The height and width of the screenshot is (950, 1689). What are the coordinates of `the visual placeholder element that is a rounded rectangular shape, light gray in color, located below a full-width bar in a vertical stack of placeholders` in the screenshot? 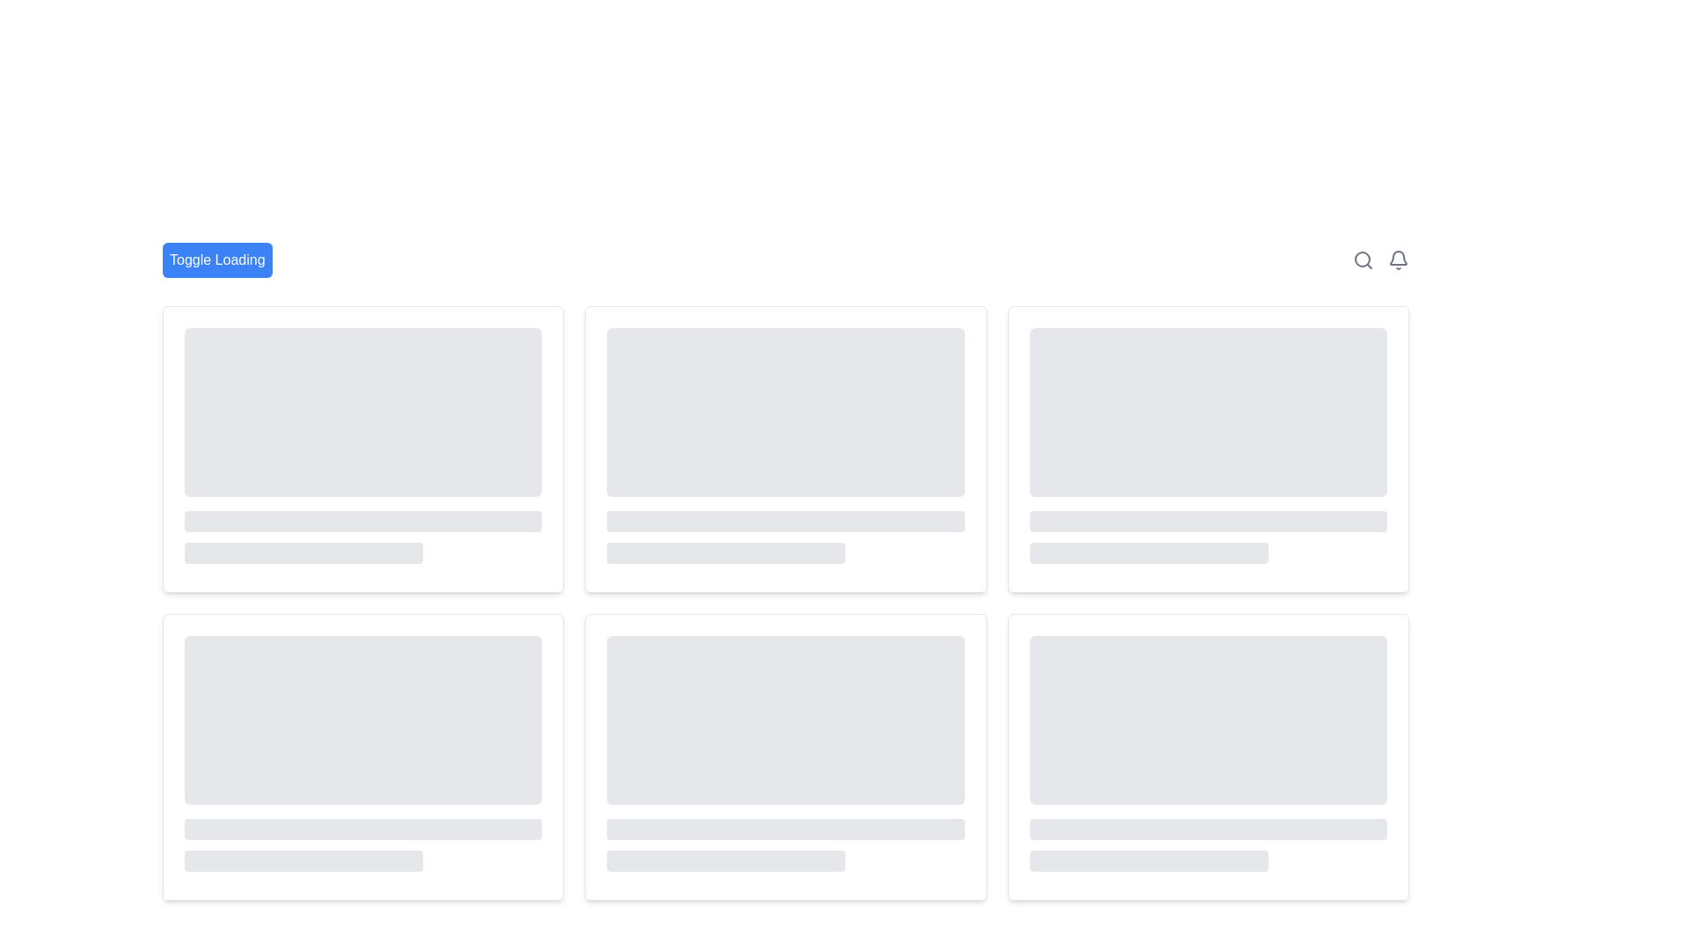 It's located at (726, 860).